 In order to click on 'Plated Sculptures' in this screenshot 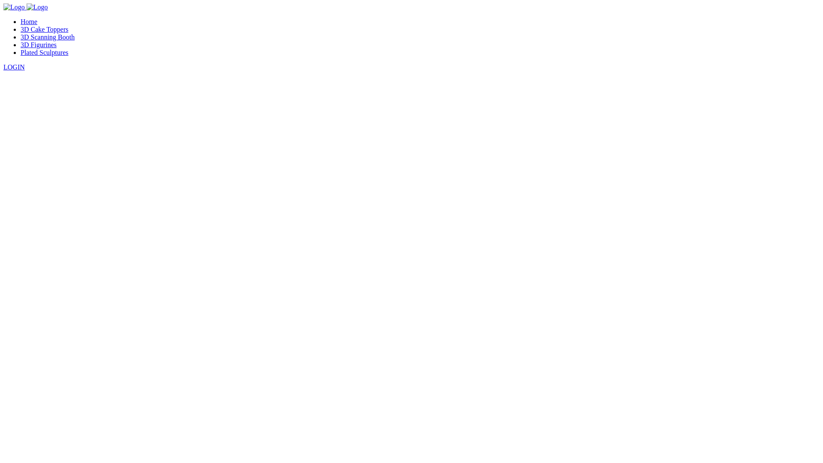, I will do `click(44, 52)`.